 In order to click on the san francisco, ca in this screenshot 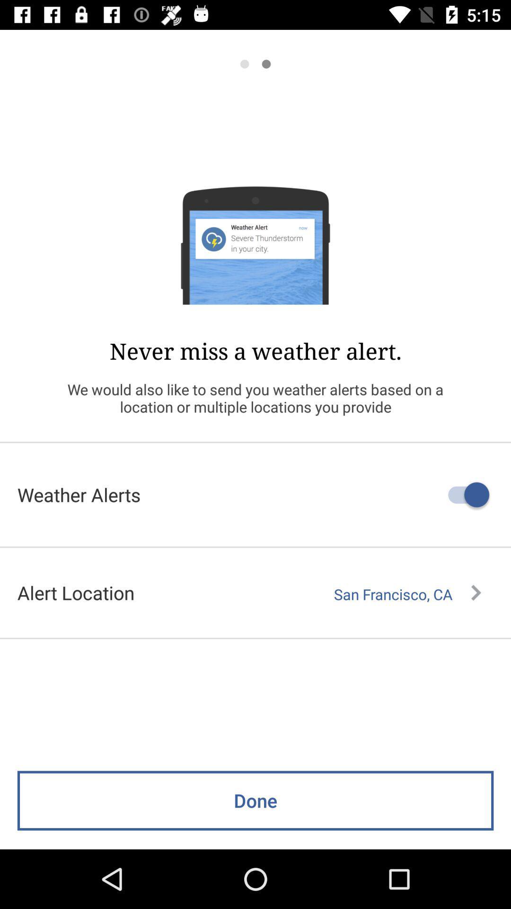, I will do `click(407, 594)`.